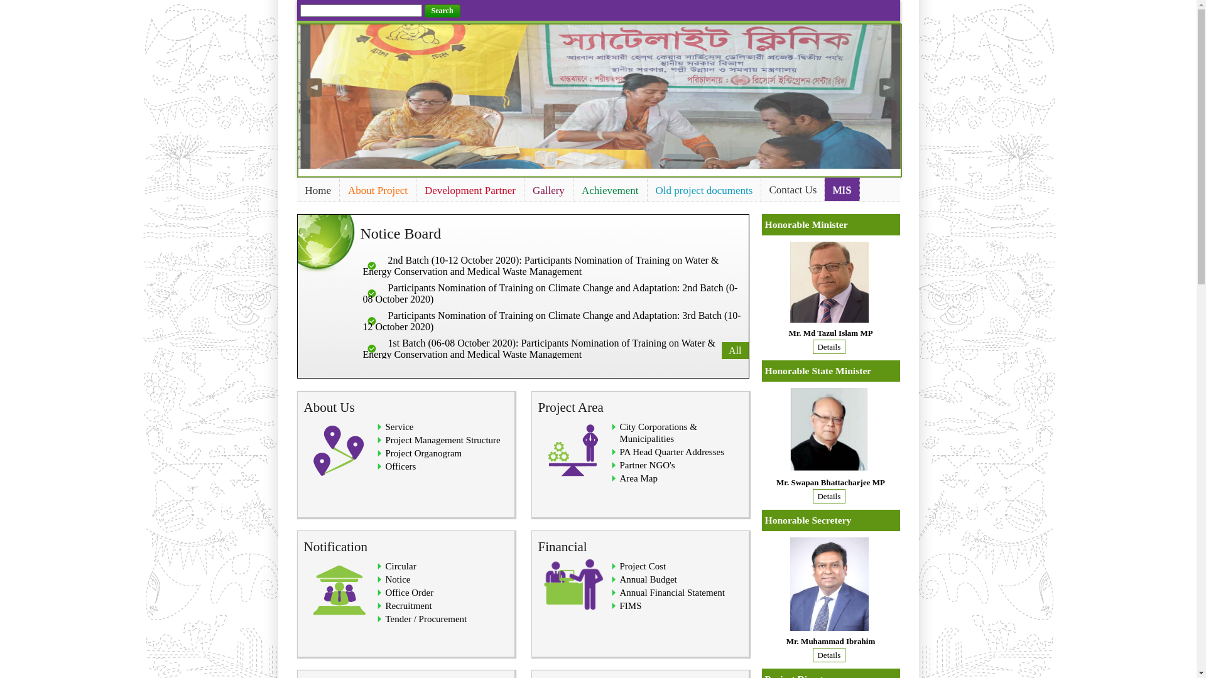  What do you see at coordinates (647, 465) in the screenshot?
I see `'Partner NGO's'` at bounding box center [647, 465].